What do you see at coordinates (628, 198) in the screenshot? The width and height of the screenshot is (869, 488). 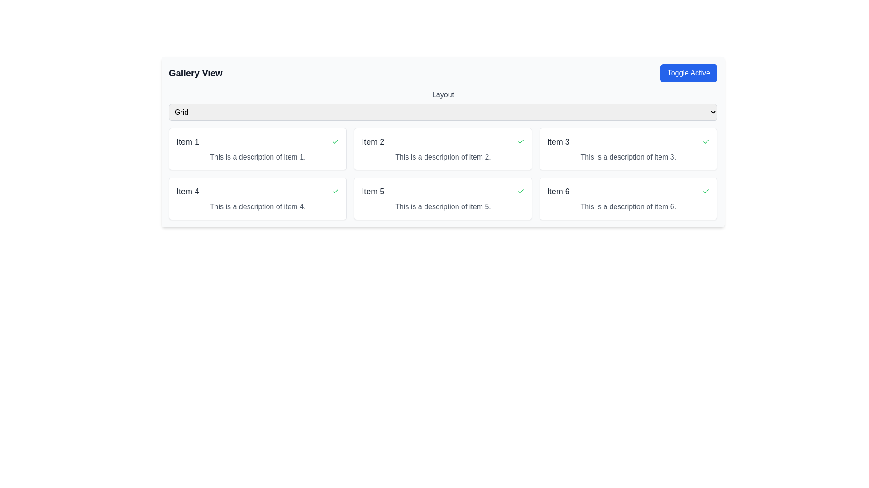 I see `title and description of the informational card for 'Item 6', which is visually indicated by a green checkmark and is located in the third column of the second row of the grid layout` at bounding box center [628, 198].